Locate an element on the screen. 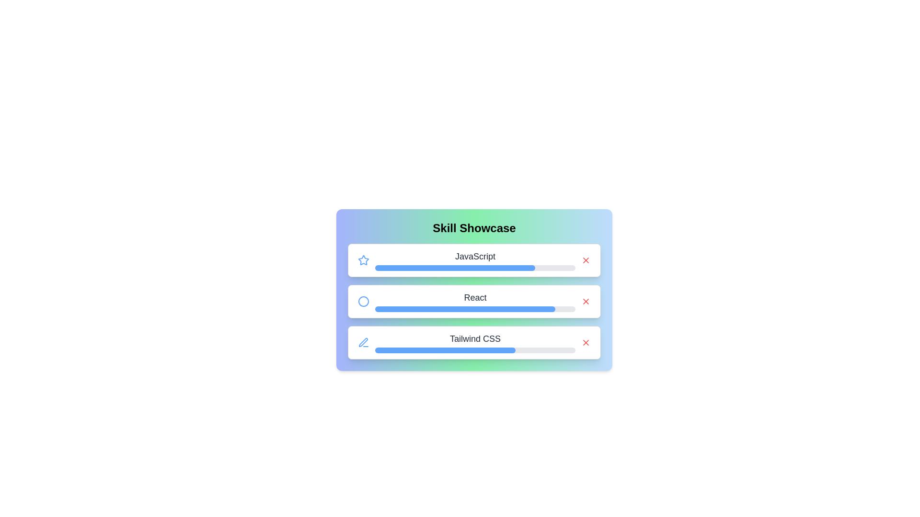 The image size is (920, 517). remove button for the skill React is located at coordinates (586, 301).